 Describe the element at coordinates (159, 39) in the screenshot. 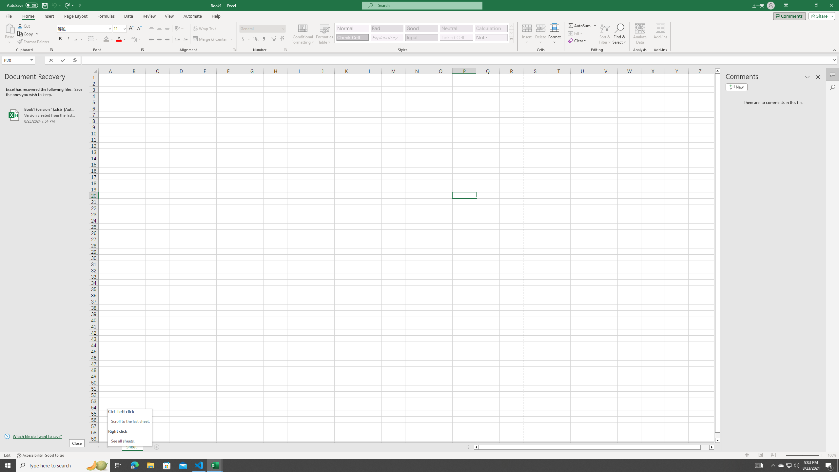

I see `'Center'` at that location.